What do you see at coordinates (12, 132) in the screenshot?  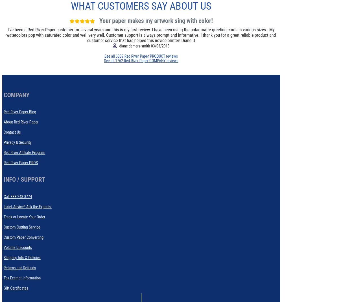 I see `'Contact Us'` at bounding box center [12, 132].